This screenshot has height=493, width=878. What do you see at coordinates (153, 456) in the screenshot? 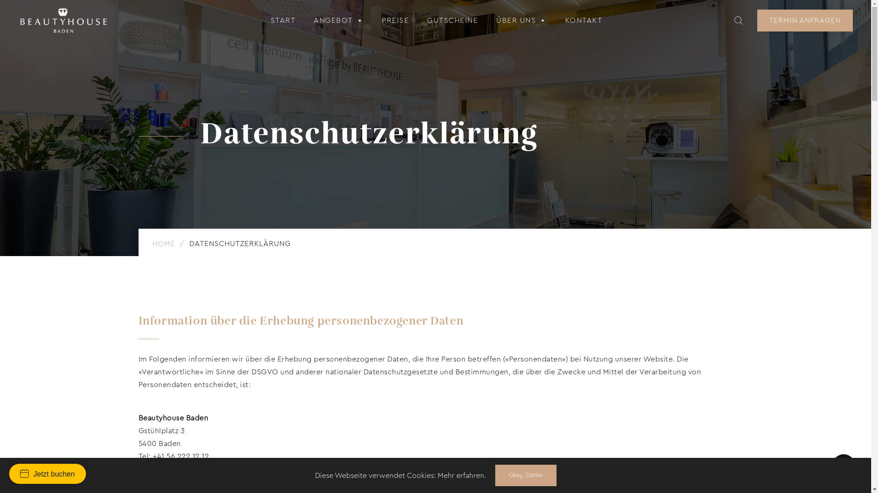
I see `'+41 56 222 12 12'` at bounding box center [153, 456].